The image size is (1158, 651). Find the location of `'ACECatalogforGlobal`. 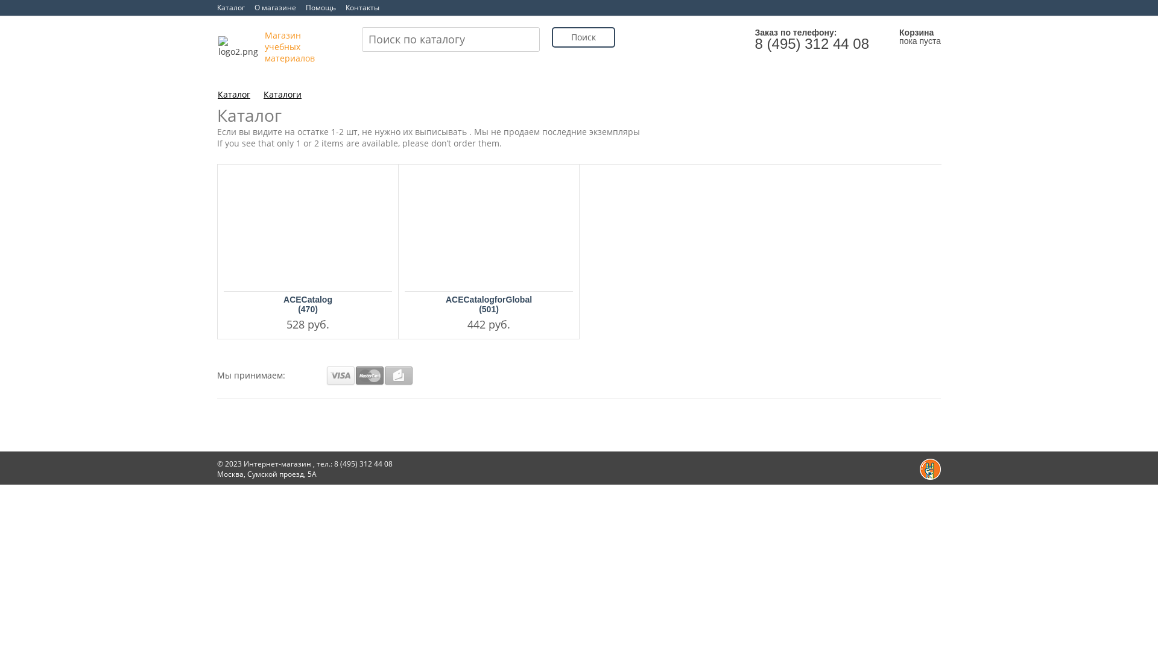

'ACECatalogforGlobal is located at coordinates (445, 304).